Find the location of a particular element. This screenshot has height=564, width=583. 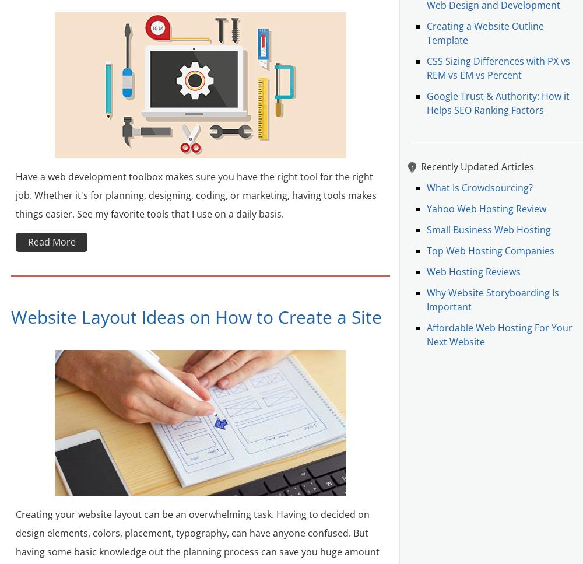

'Affordable Web Hosting For Your Next Website' is located at coordinates (499, 334).